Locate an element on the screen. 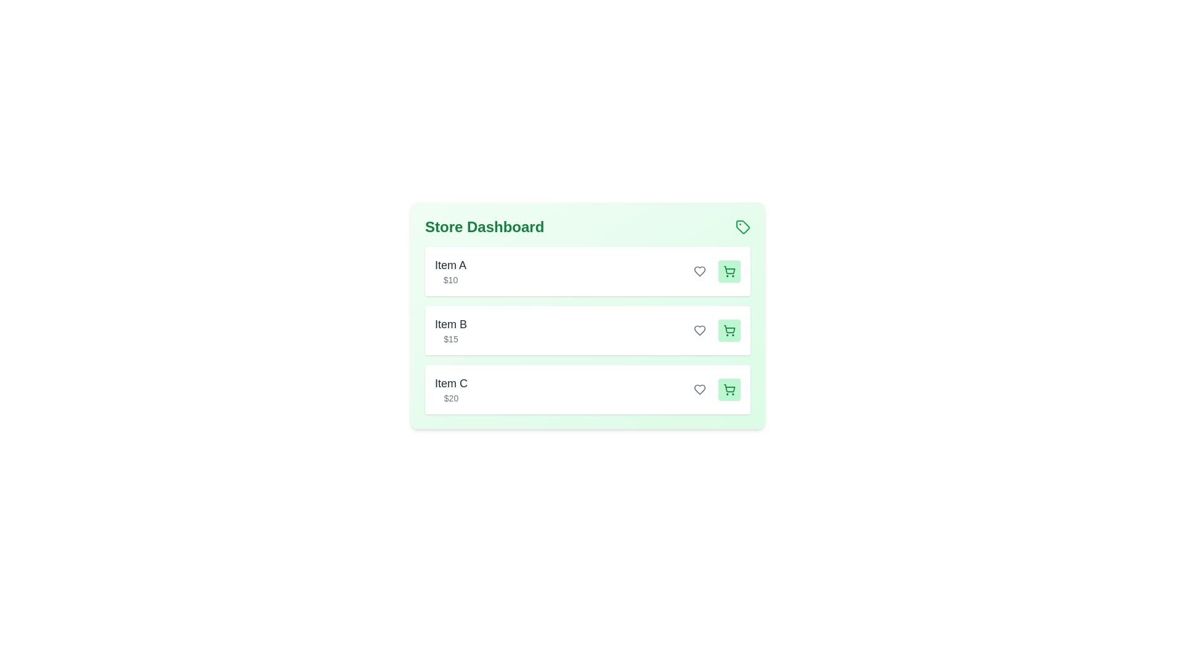 The width and height of the screenshot is (1183, 665). the heart icon button, which is a circular button with a gray heart icon, located to the left of the green shopping cart icon in the Store Dashboard for 'Item C' is located at coordinates (700, 389).